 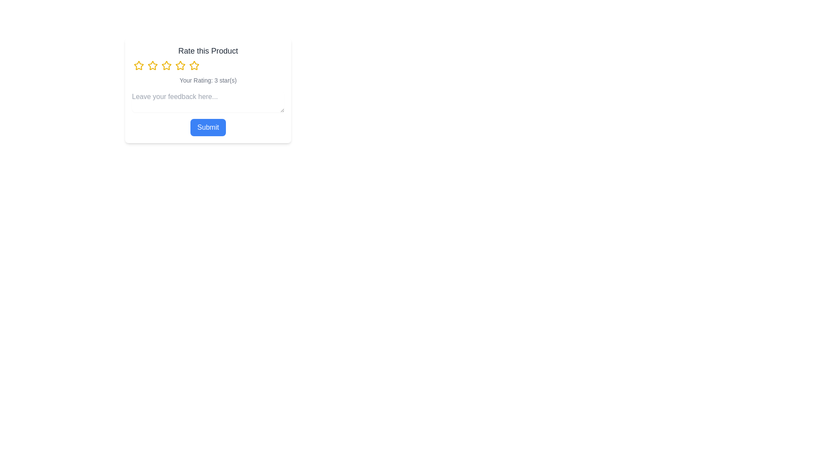 What do you see at coordinates (166, 65) in the screenshot?
I see `the rating by clicking on the 3 star` at bounding box center [166, 65].